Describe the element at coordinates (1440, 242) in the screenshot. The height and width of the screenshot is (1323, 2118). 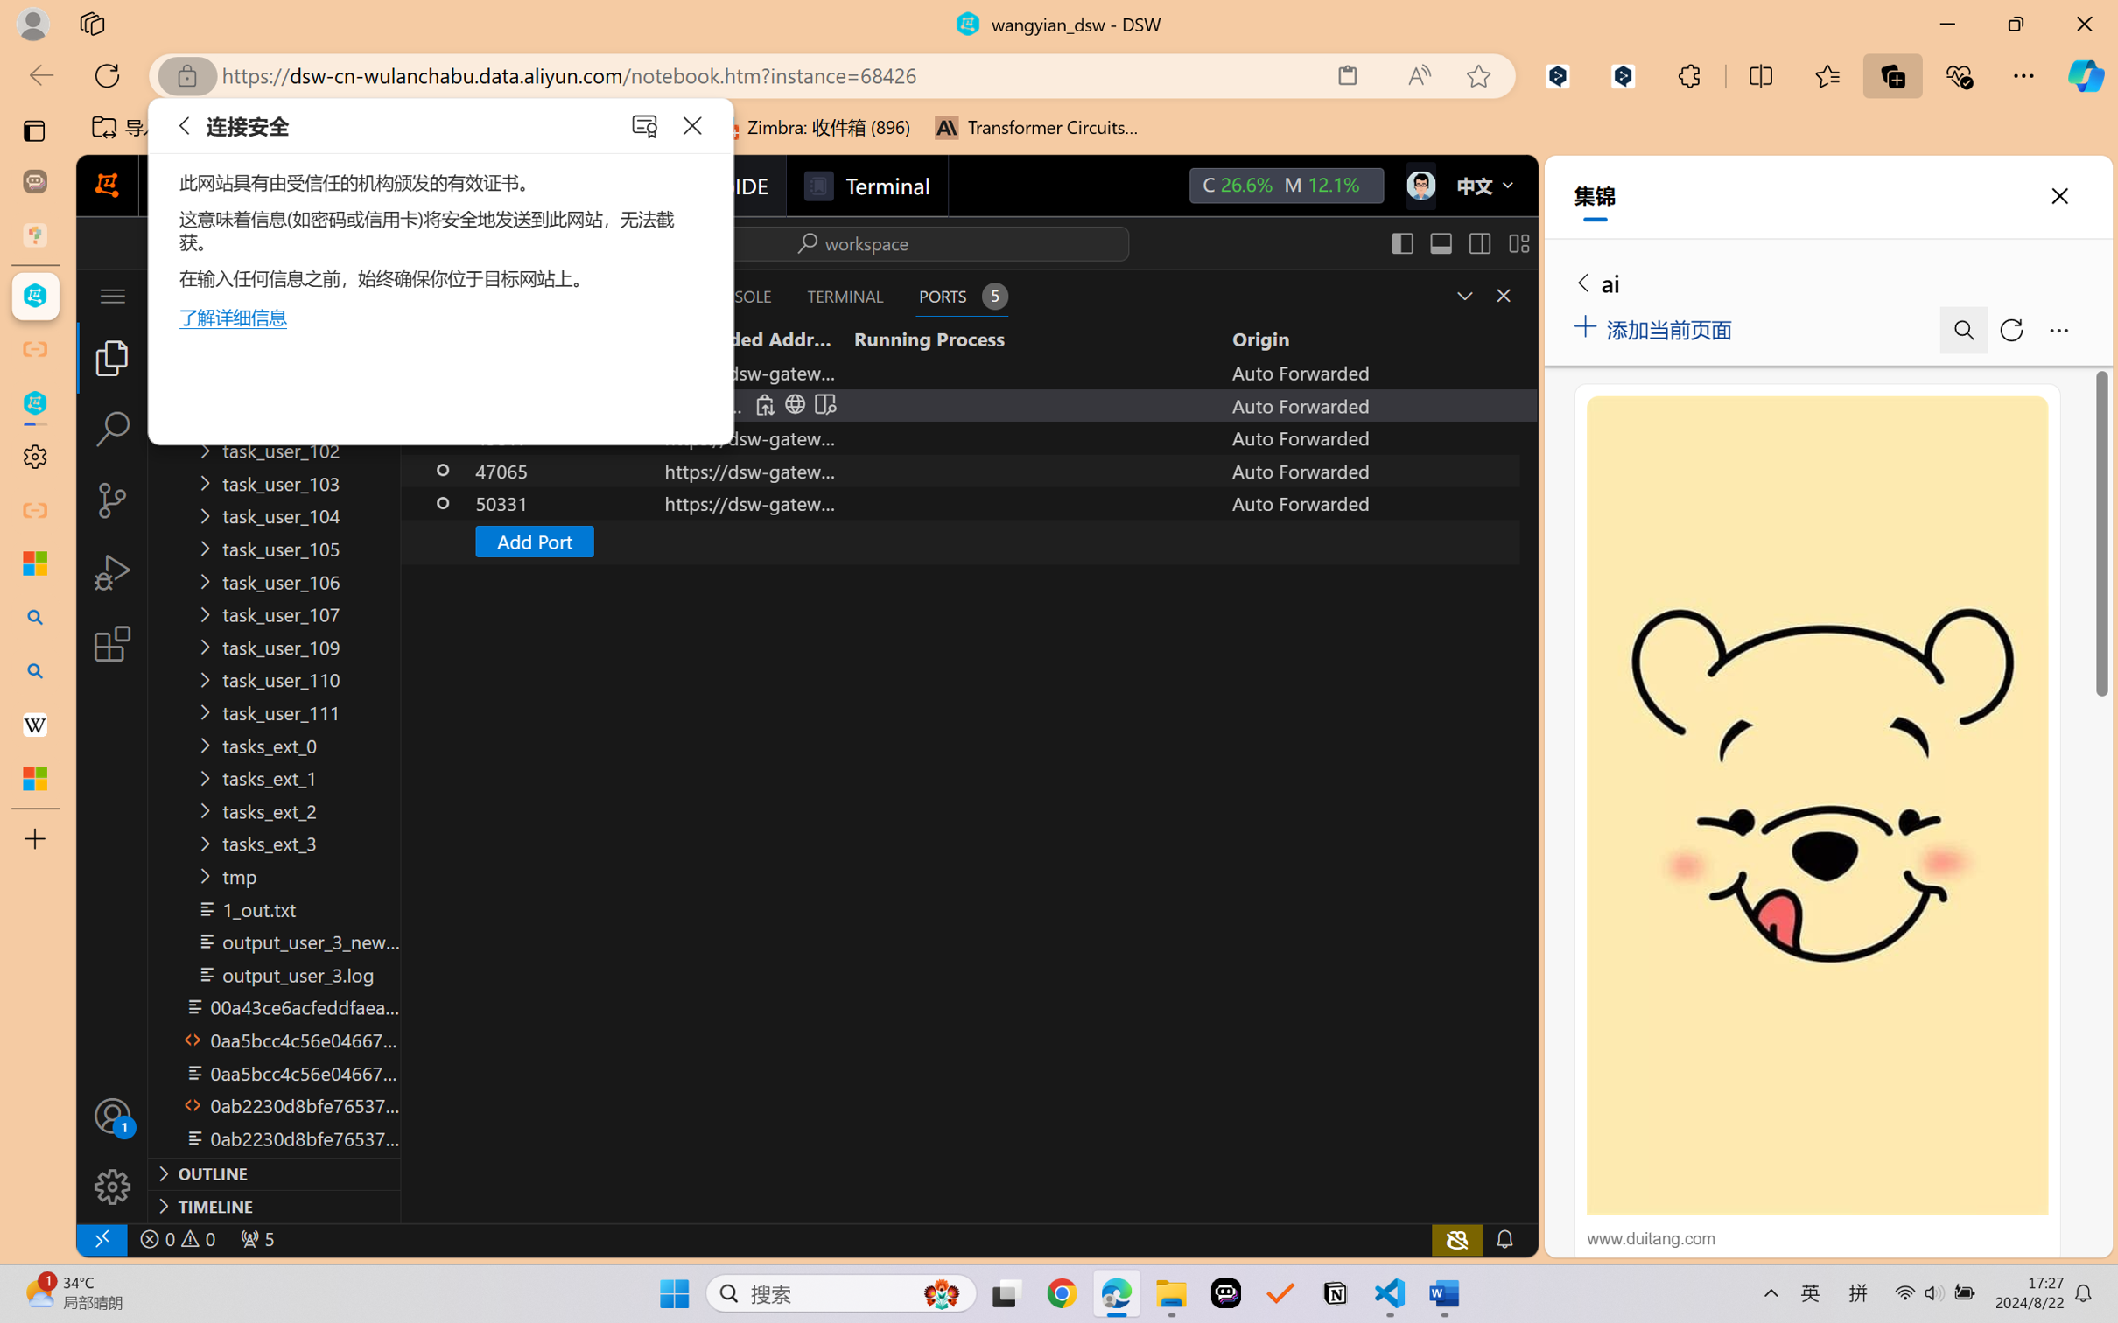
I see `'Toggle Panel (Ctrl+J)'` at that location.